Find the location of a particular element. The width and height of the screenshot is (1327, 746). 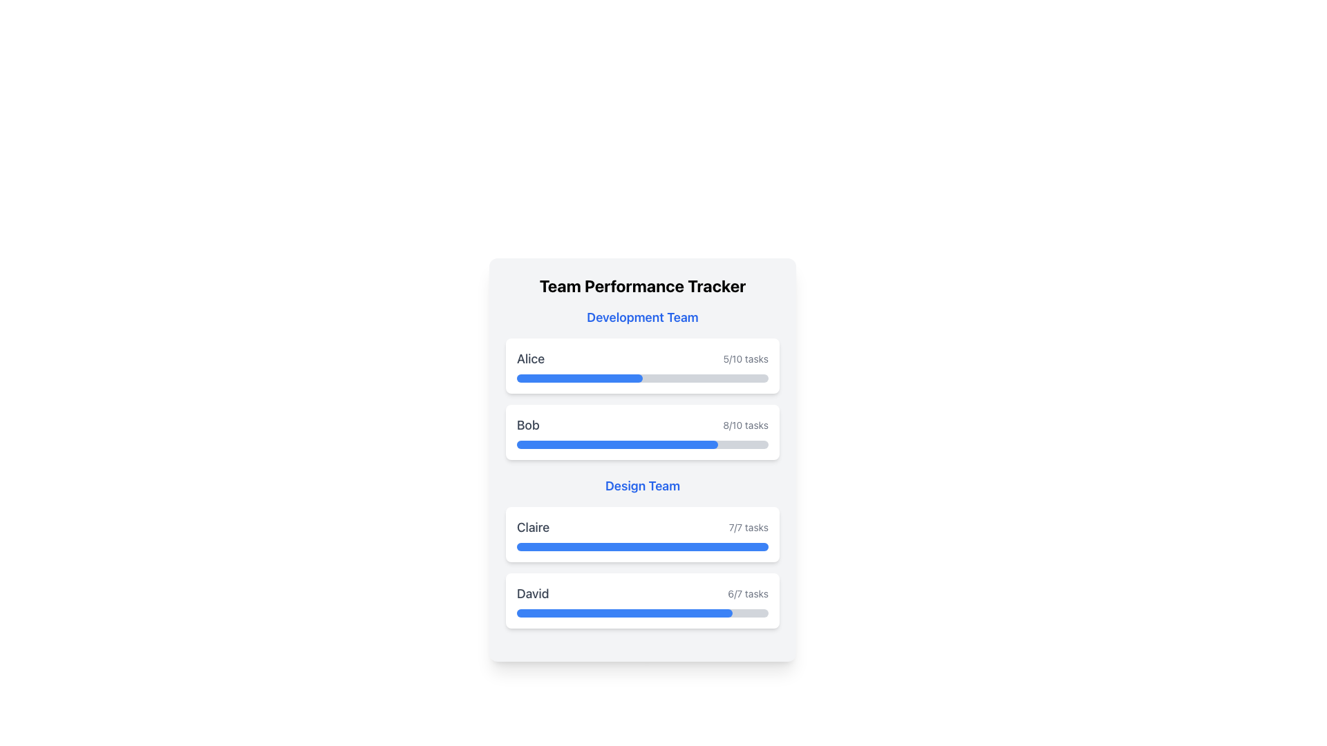

the progress bar located below the 'Alice' label in the 'Development Team' section, which visually represents a progress indicator with a filled blue portion is located at coordinates (580, 378).